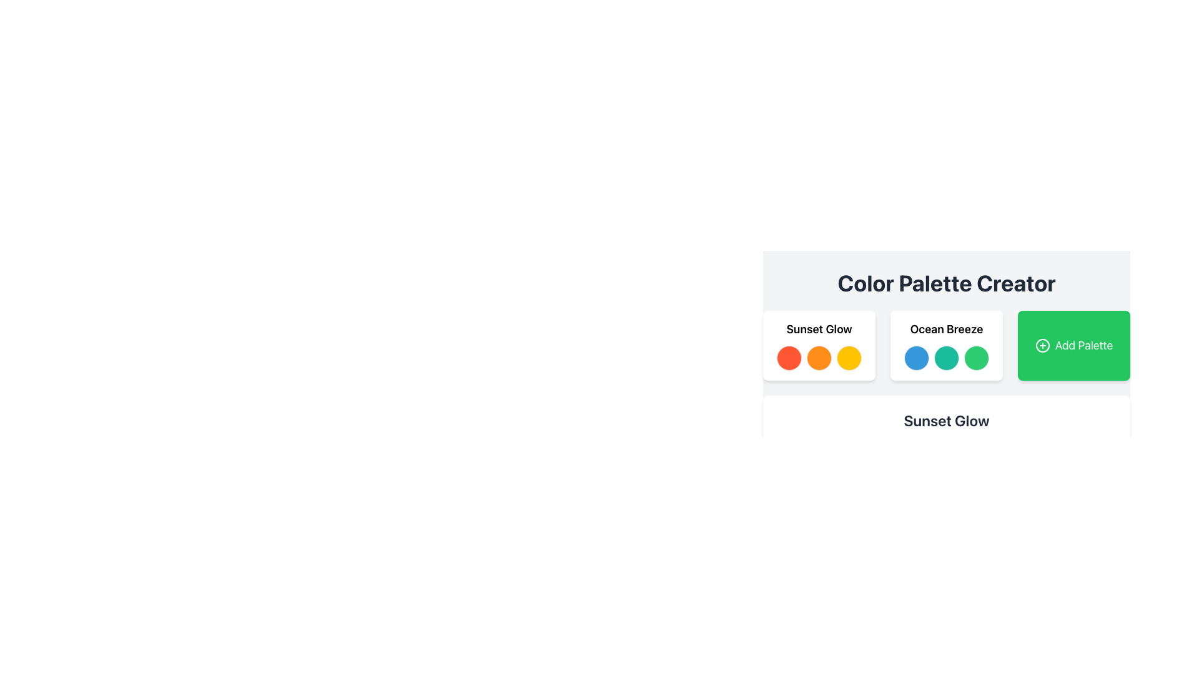 The width and height of the screenshot is (1199, 674). I want to click on the graphical representation of the Circular graphic component that is part of the 'Add Palette' button in the 'Color Palette Creator' section, so click(1042, 346).